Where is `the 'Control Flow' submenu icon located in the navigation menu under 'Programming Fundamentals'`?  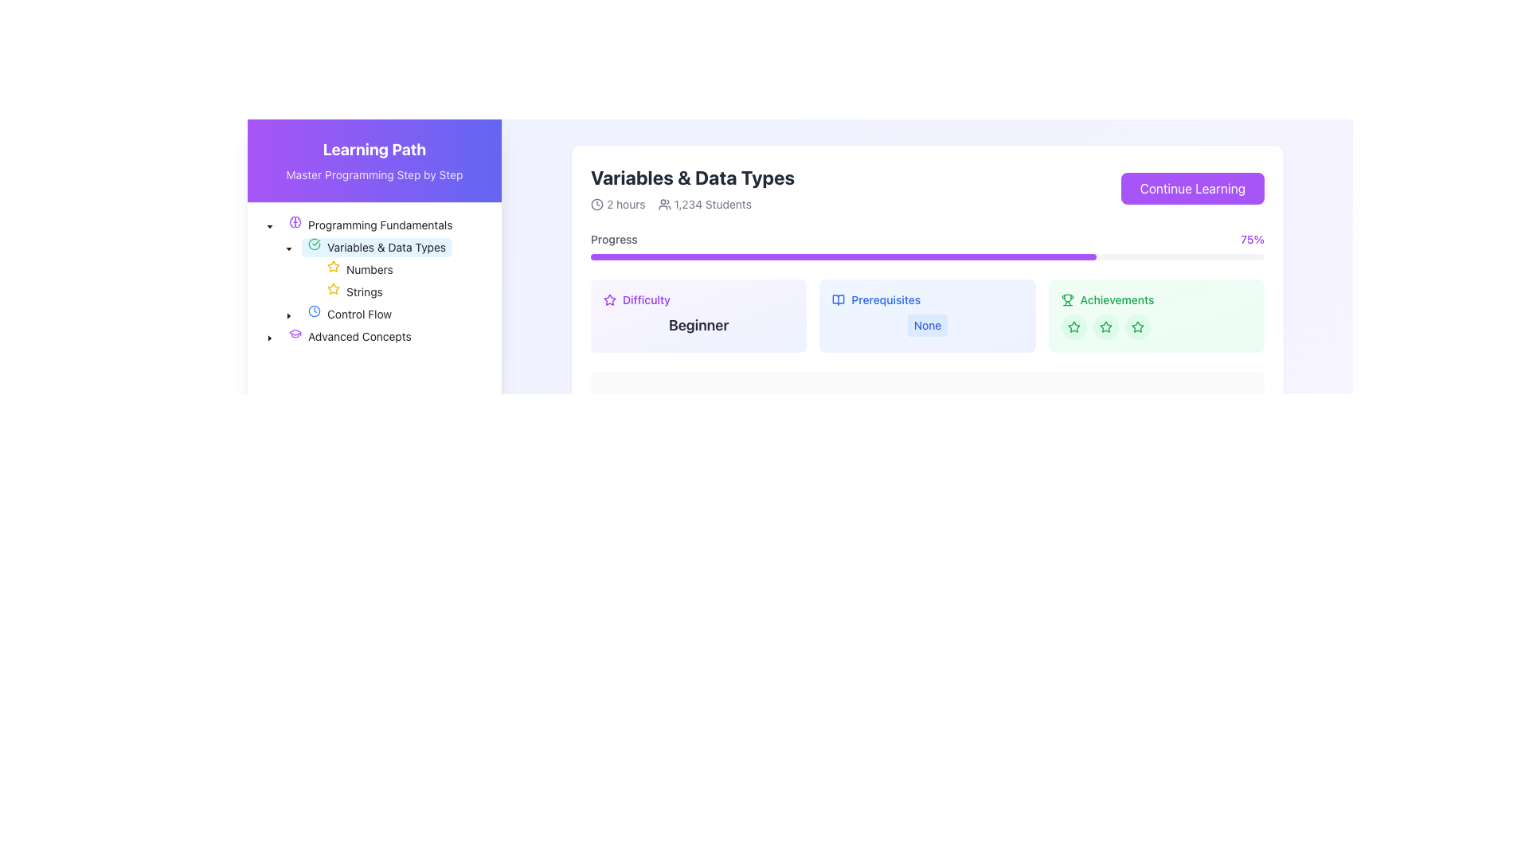 the 'Control Flow' submenu icon located in the navigation menu under 'Programming Fundamentals' is located at coordinates (314, 311).